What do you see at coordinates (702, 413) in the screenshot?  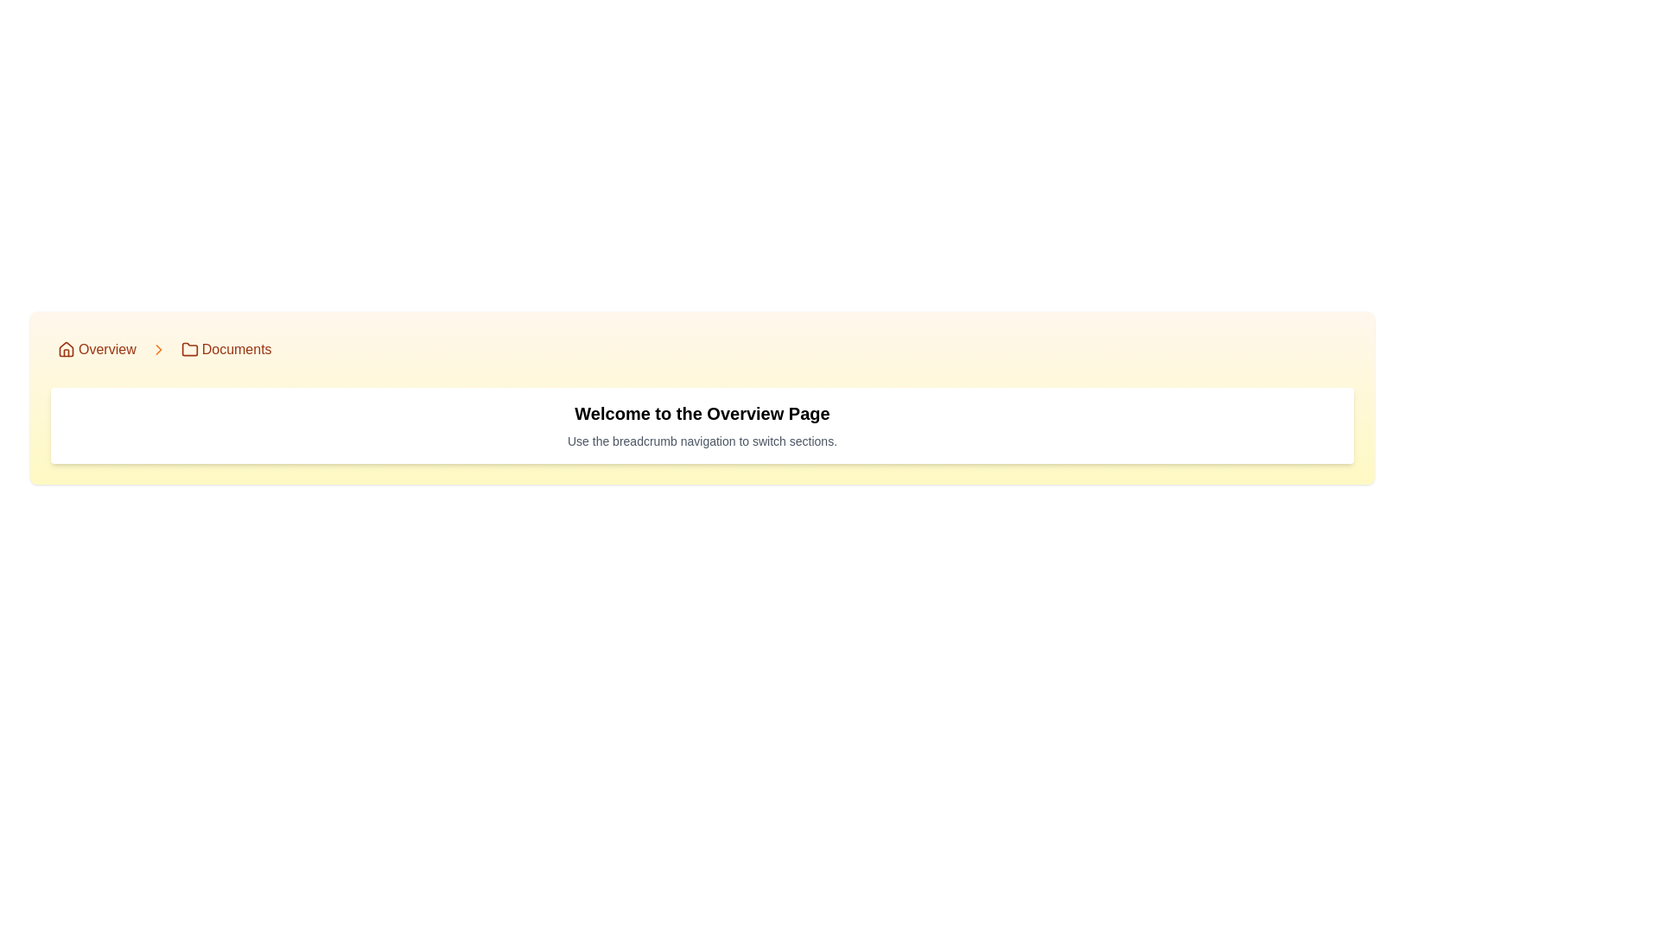 I see `the headline text that reads 'Welcome to the Overview Page', which is prominently styled in bold and large font near the top of the content area` at bounding box center [702, 413].